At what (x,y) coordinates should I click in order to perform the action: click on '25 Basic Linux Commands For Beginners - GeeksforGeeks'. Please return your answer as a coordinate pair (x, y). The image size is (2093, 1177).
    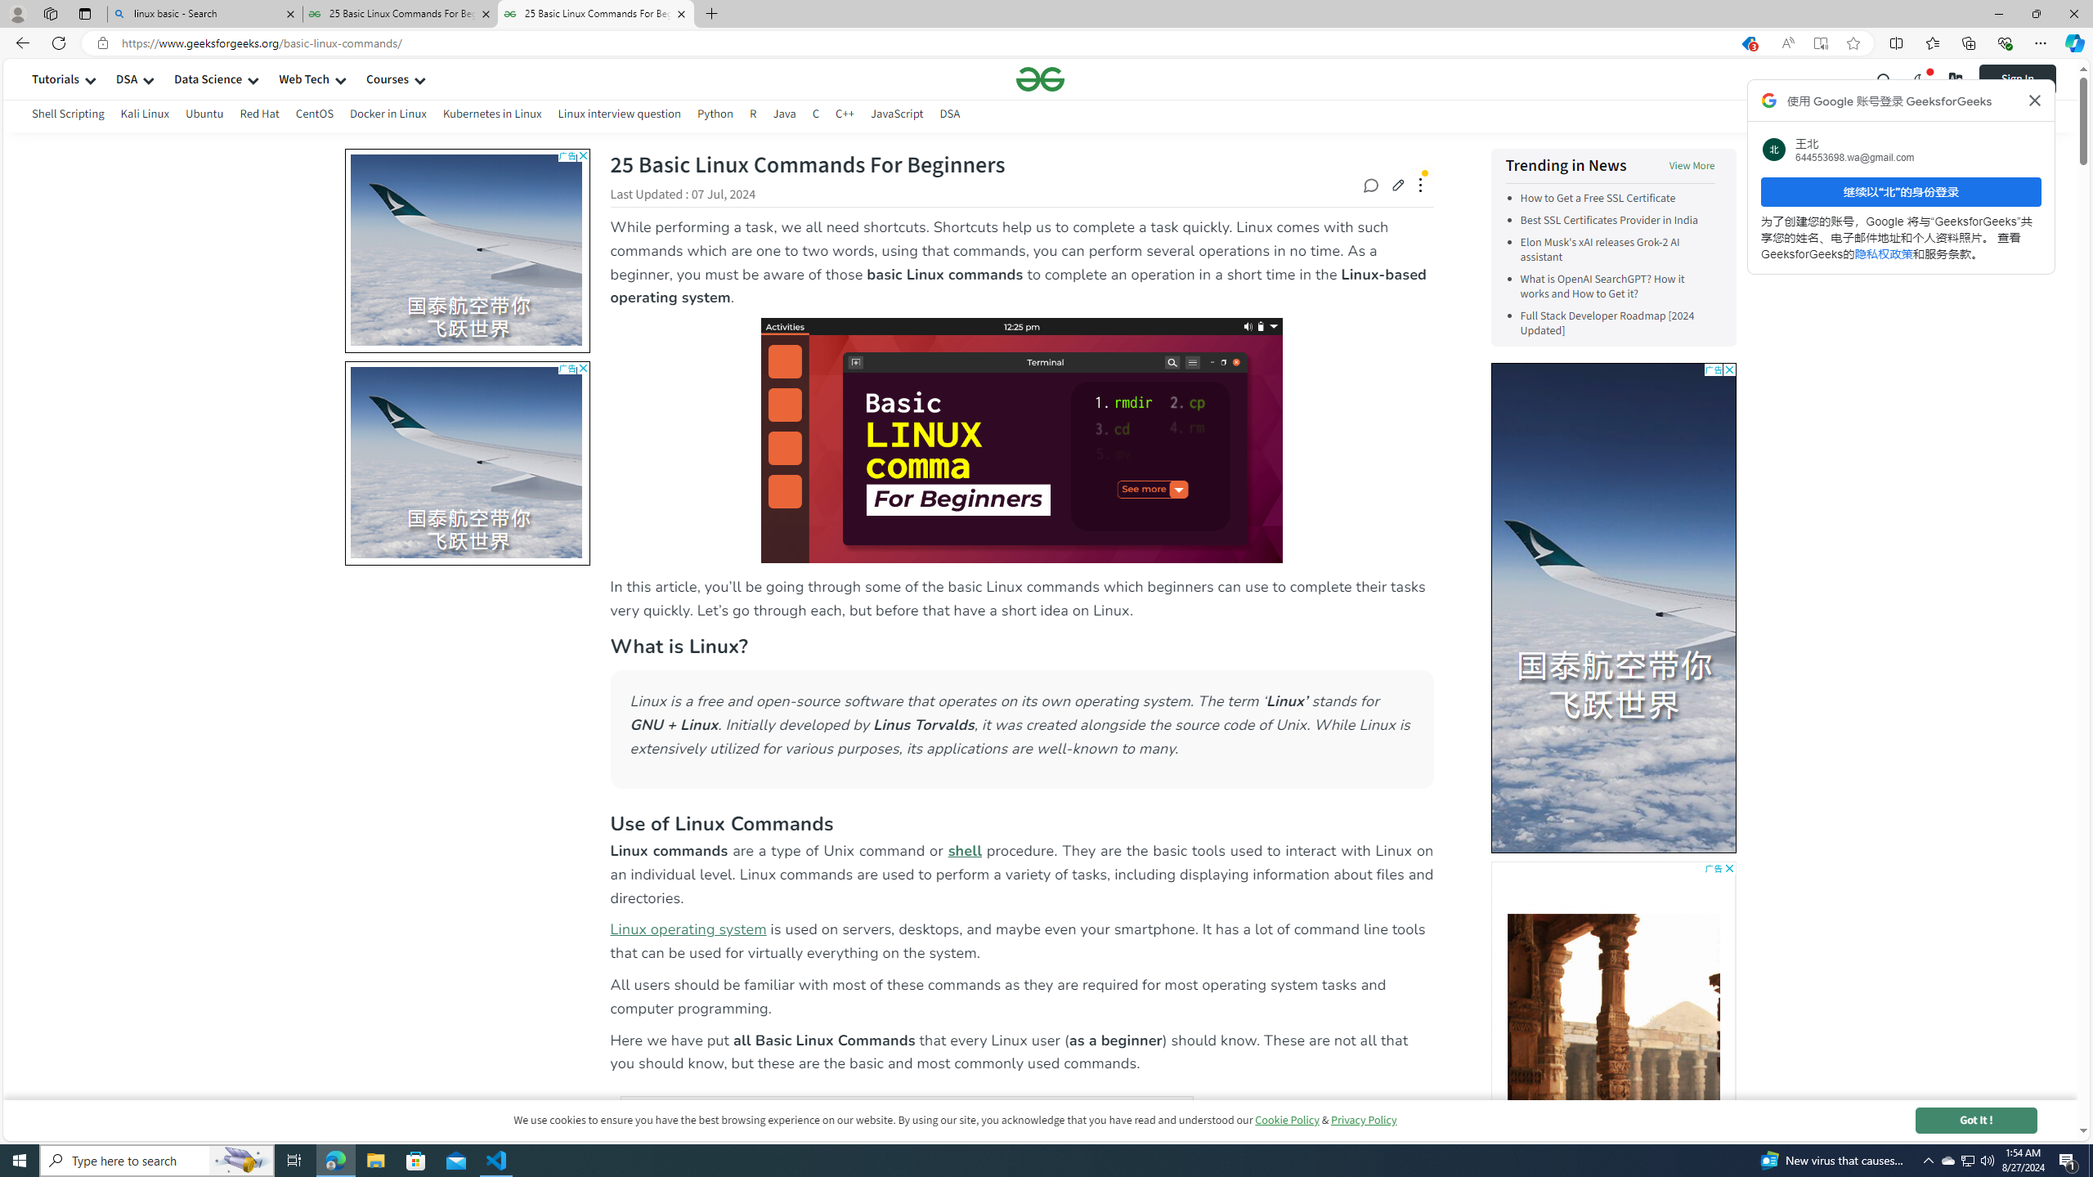
    Looking at the image, I should click on (596, 13).